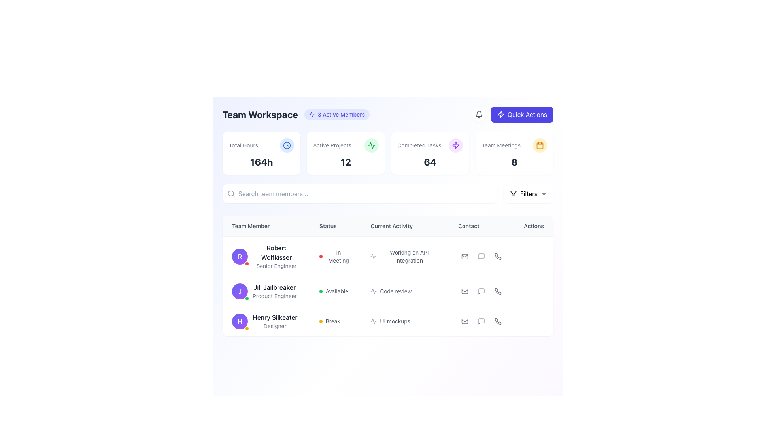 The width and height of the screenshot is (759, 427). I want to click on information displayed in the Text Display located in the bottom section of the card labeled 'Total Hours', which shows the total hours as a summary statistic, so click(261, 161).